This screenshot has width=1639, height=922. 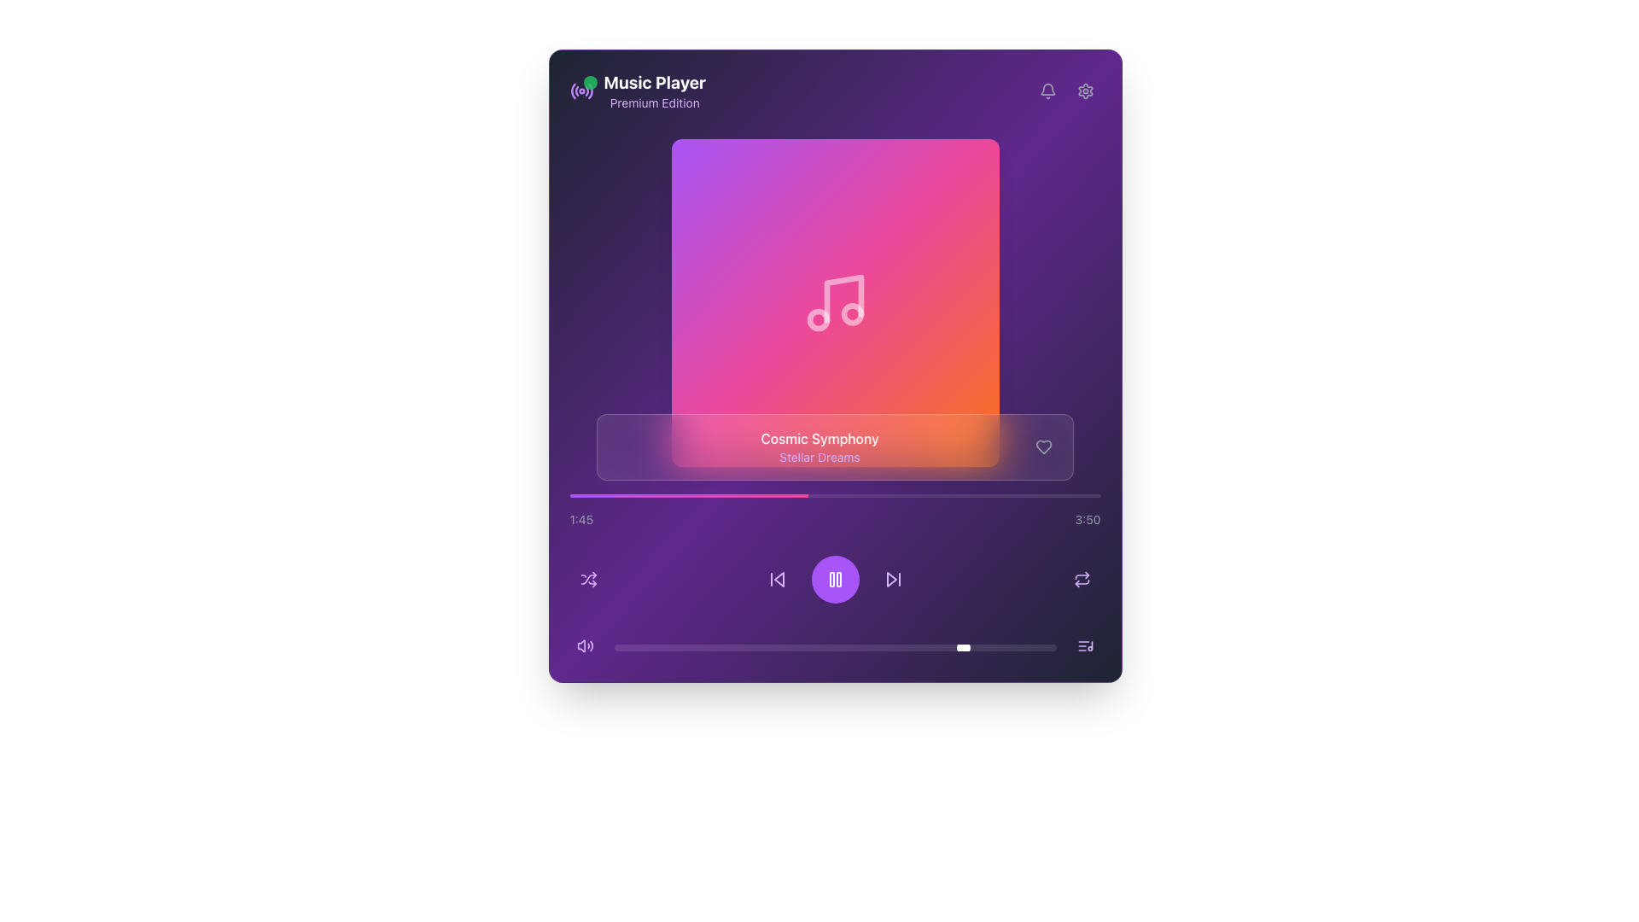 What do you see at coordinates (1084, 91) in the screenshot?
I see `the settings icon located at the top right corner of the interface to trigger its hover effects` at bounding box center [1084, 91].